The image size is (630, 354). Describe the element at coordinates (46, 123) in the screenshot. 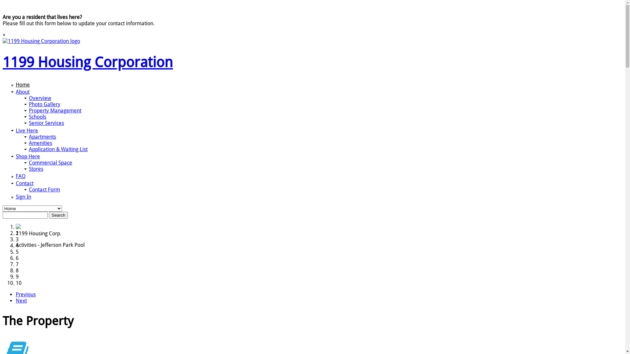

I see `'Senior Services'` at that location.